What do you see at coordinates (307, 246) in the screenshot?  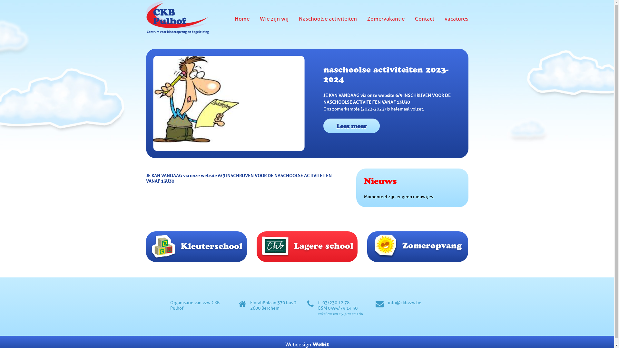 I see `'Lagere school'` at bounding box center [307, 246].